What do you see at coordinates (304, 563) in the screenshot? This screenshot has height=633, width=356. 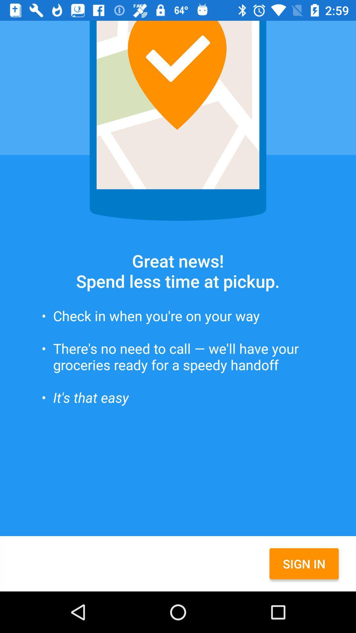 I see `sign in at the bottom right corner` at bounding box center [304, 563].